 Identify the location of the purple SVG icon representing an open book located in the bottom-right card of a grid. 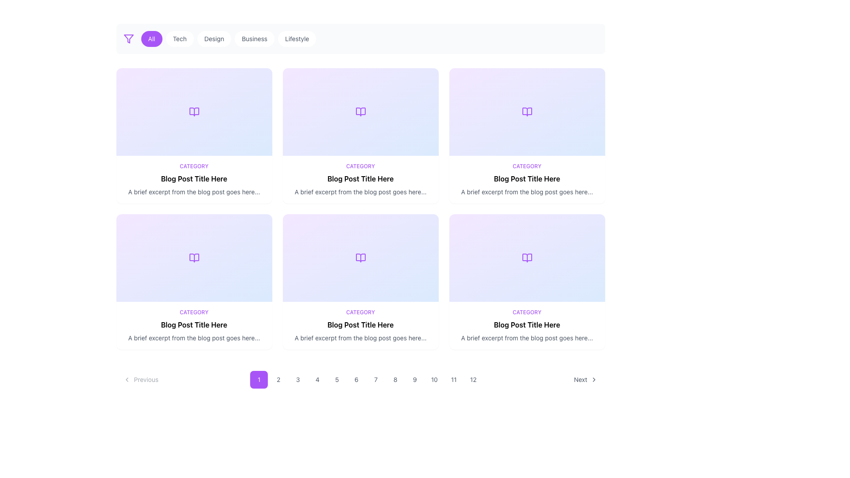
(527, 258).